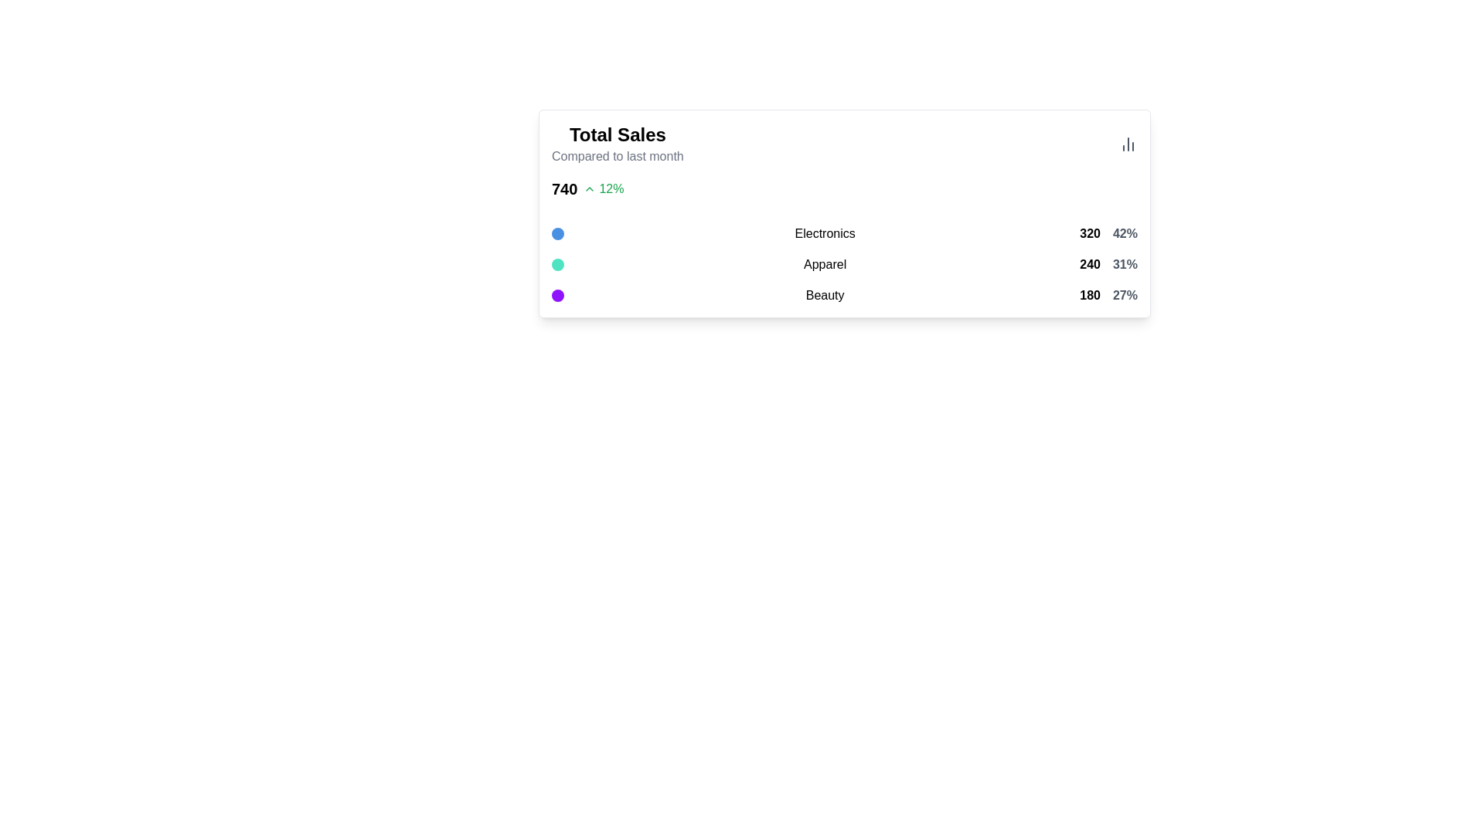  What do you see at coordinates (1089, 234) in the screenshot?
I see `the bold numerical value '320' that is aligned with the 'Electronics' label and located to its left of '42%'` at bounding box center [1089, 234].